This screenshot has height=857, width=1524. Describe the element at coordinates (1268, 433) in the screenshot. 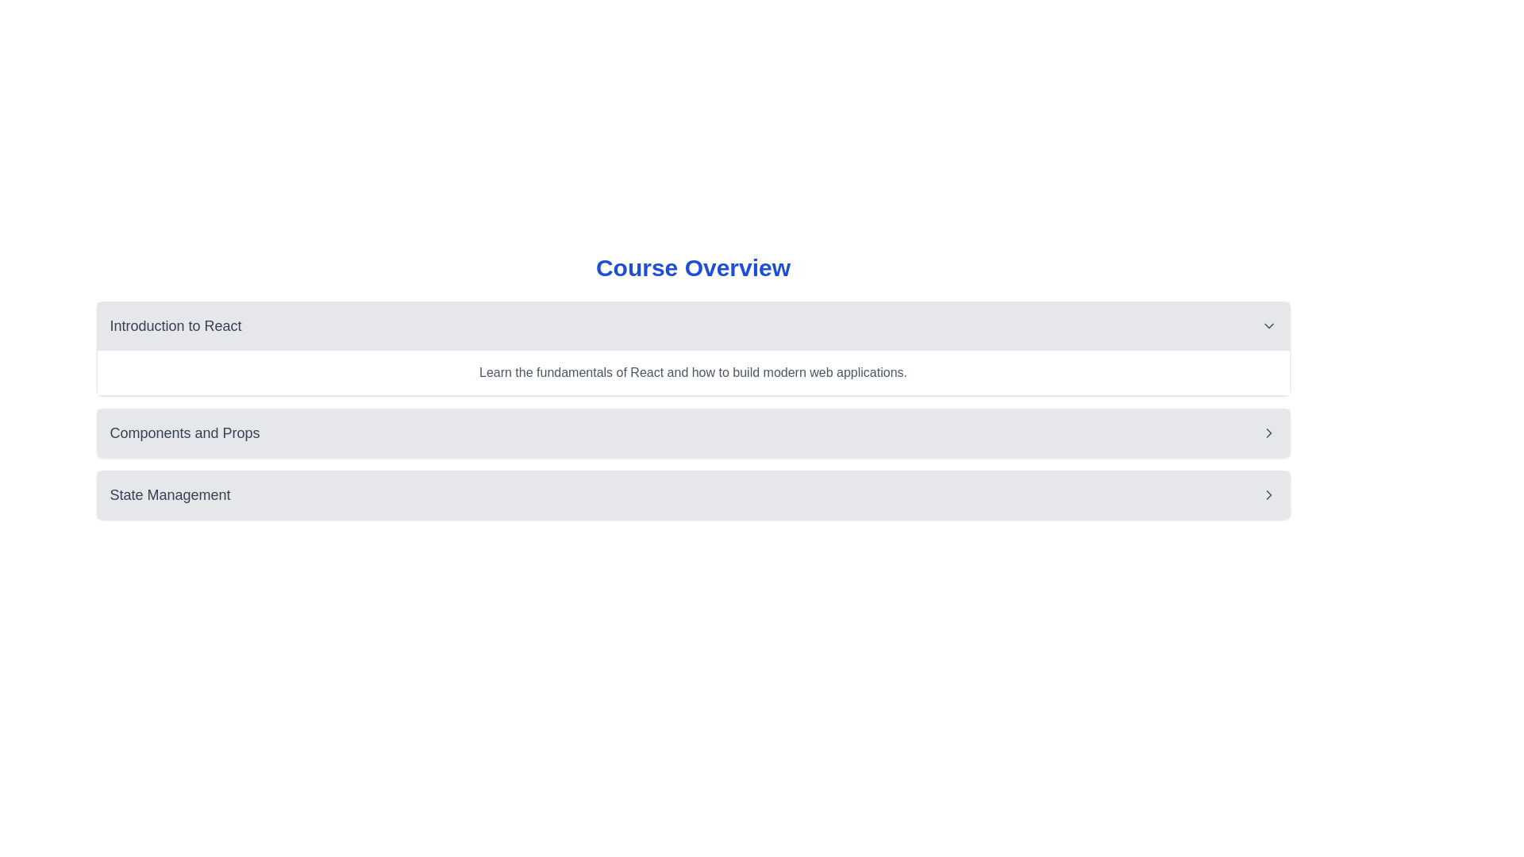

I see `the Arrow Indicator located in the 'Components and Props' collapsible item to enhance accessibility interactions` at that location.